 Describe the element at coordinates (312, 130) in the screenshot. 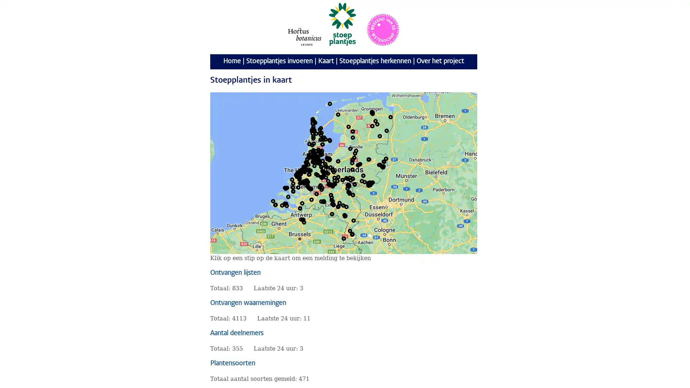

I see `Telling van op 27 juni 2022` at that location.